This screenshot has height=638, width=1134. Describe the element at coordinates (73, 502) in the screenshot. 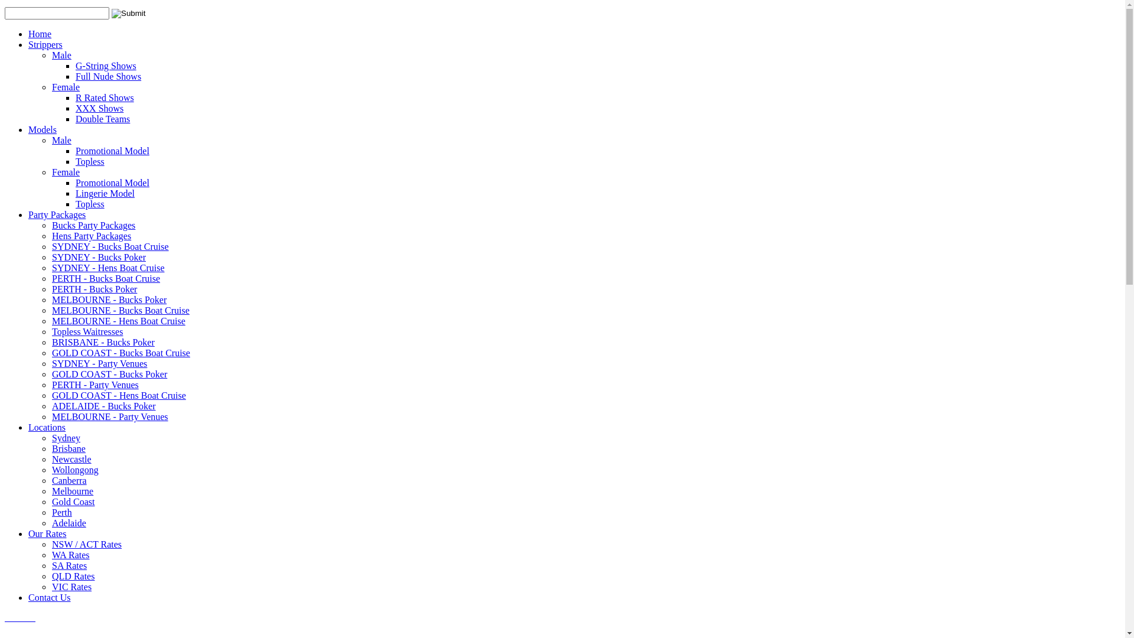

I see `'Gold Coast'` at that location.